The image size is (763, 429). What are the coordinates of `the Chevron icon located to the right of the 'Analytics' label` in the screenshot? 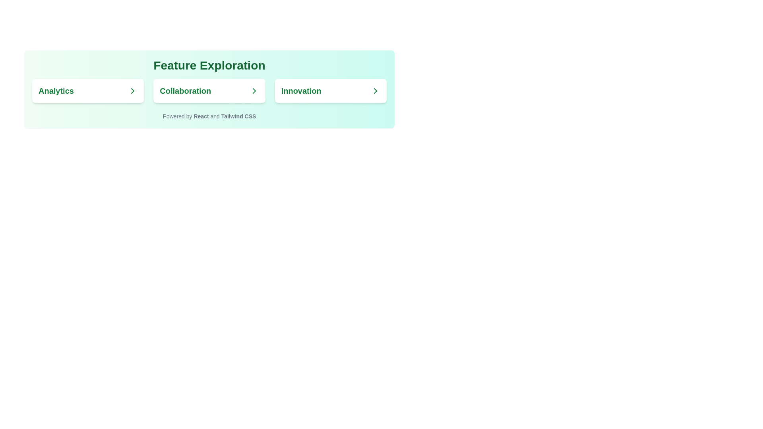 It's located at (133, 90).